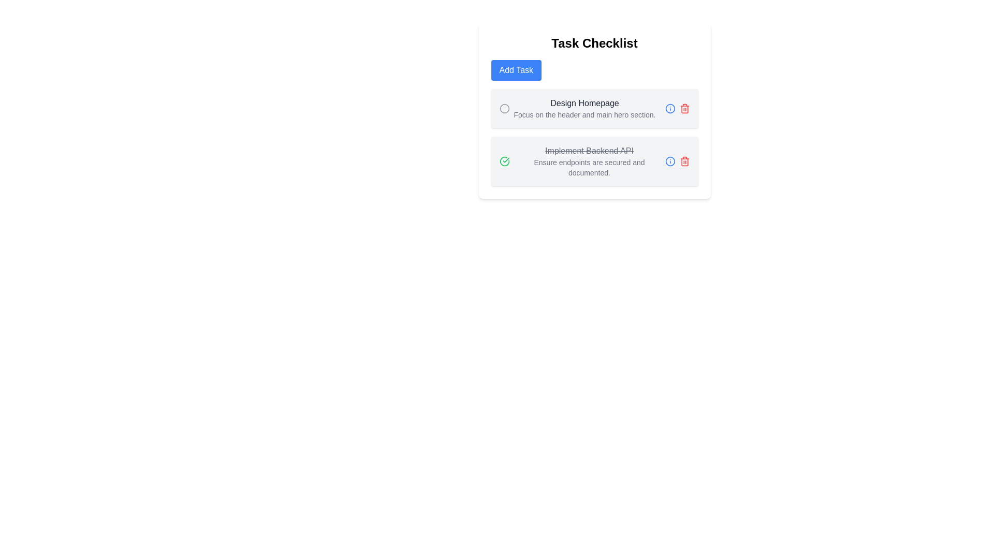  What do you see at coordinates (584, 115) in the screenshot?
I see `text element that reads 'Focus on the header and main hero section.', which is styled with a smaller font size and gray color, located below the 'Design Homepage' text in the task checklist` at bounding box center [584, 115].